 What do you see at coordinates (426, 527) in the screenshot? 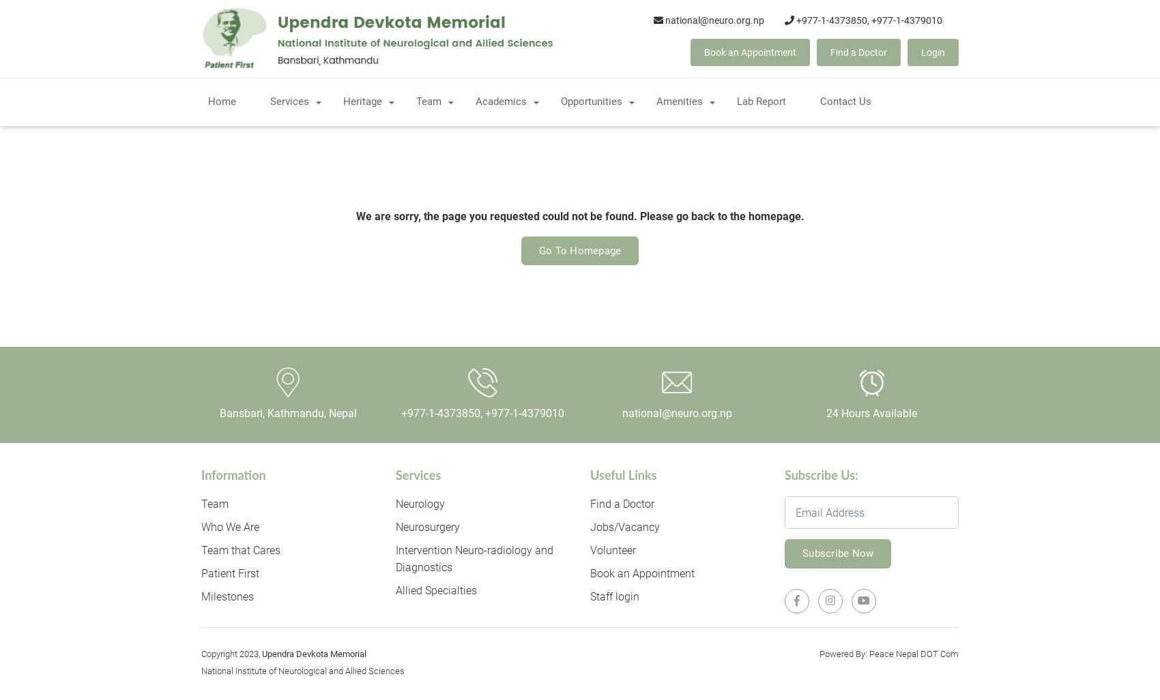
I see `'Neurosurgery'` at bounding box center [426, 527].